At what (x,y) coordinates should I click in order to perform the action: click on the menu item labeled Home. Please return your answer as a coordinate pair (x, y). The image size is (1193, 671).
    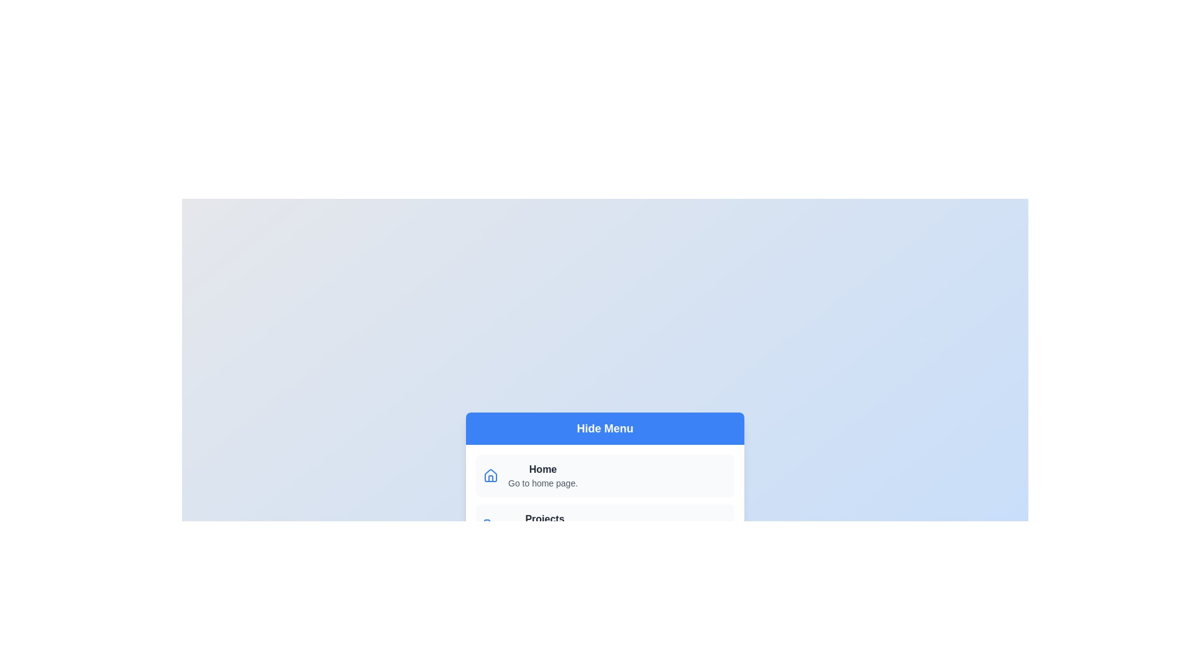
    Looking at the image, I should click on (605, 475).